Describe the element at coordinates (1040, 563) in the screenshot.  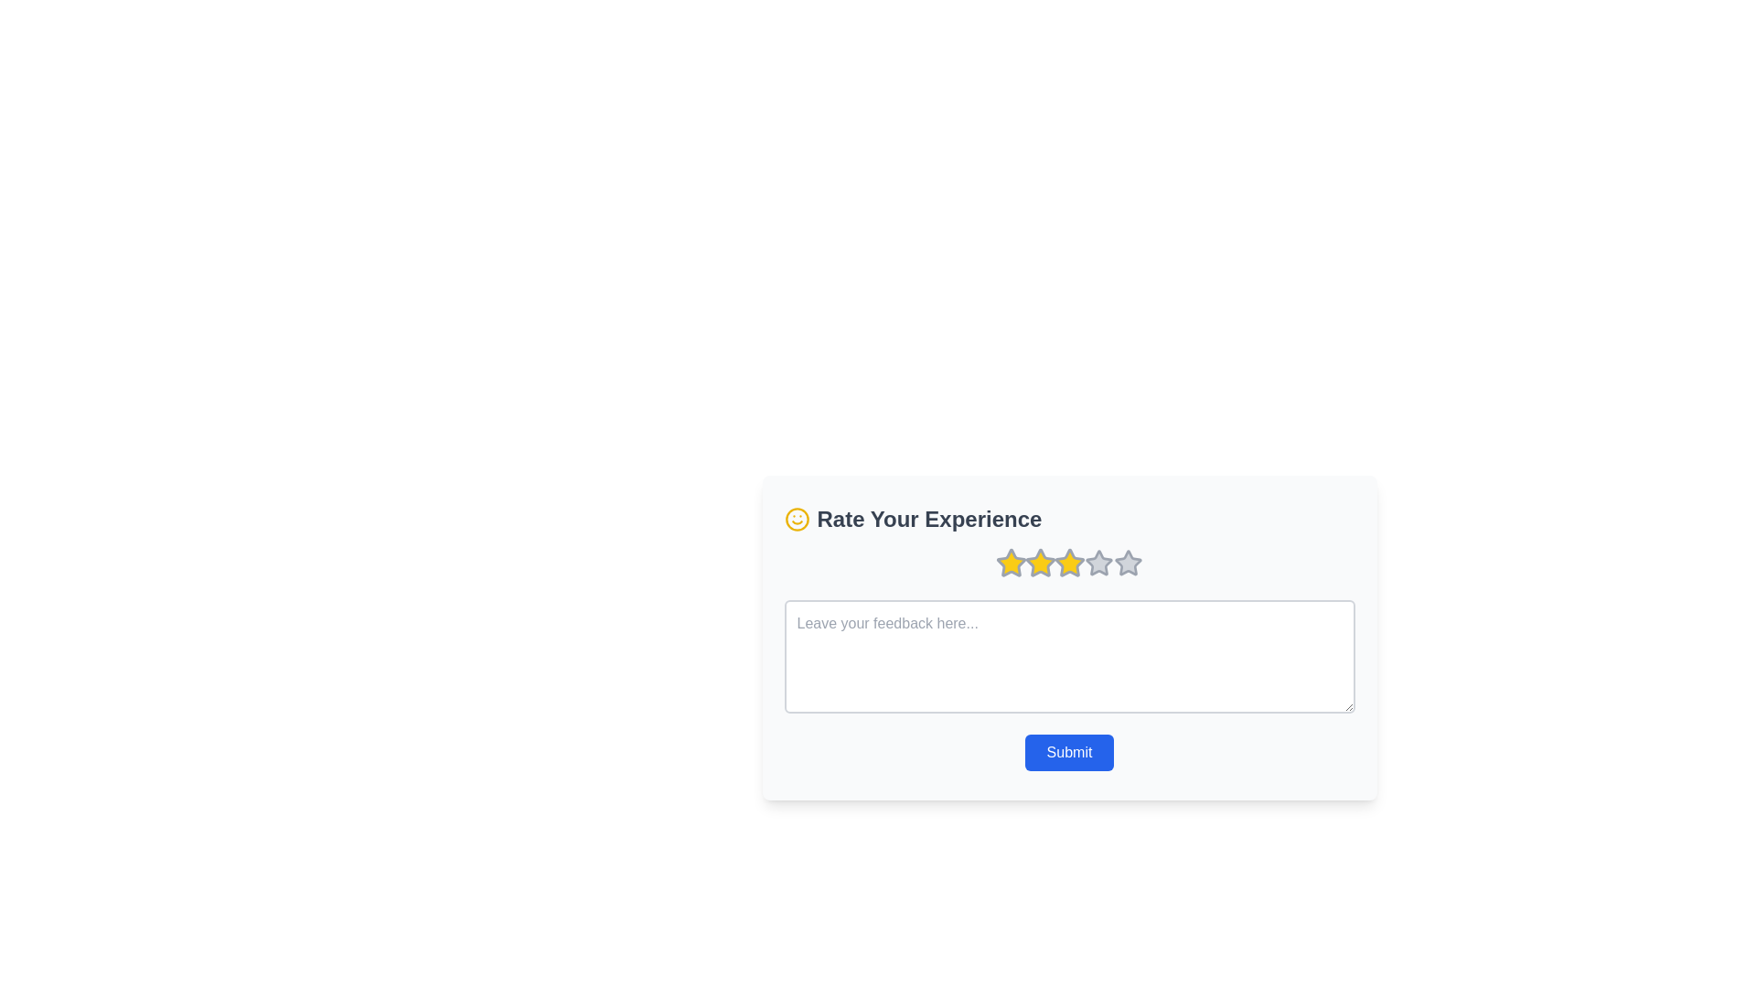
I see `the interactive star icon with a bright yellow interior and gray border, which is the third star in a row of five` at that location.